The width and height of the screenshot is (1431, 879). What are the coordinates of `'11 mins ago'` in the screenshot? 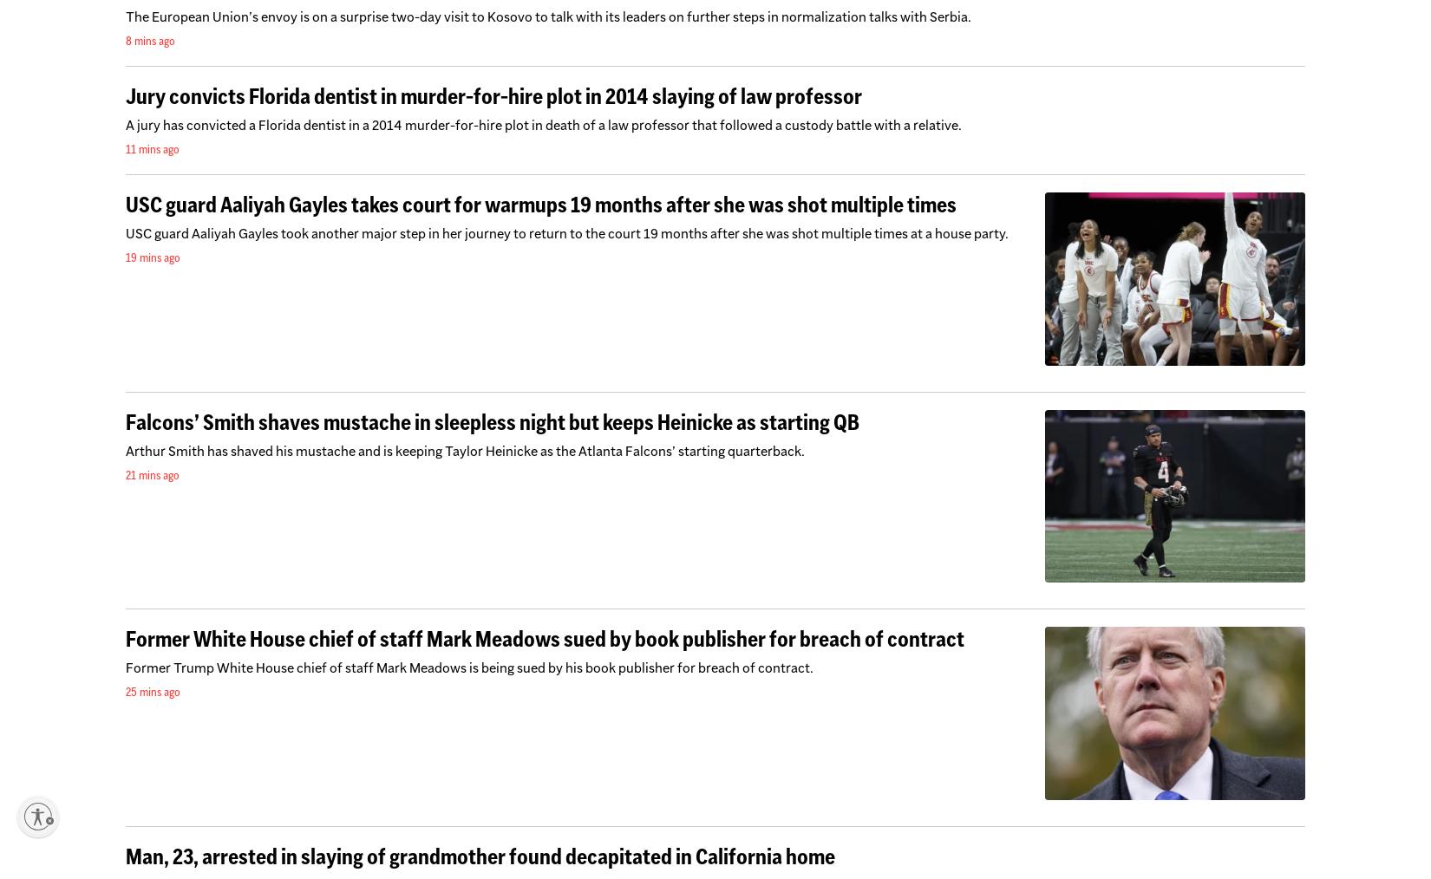 It's located at (153, 146).